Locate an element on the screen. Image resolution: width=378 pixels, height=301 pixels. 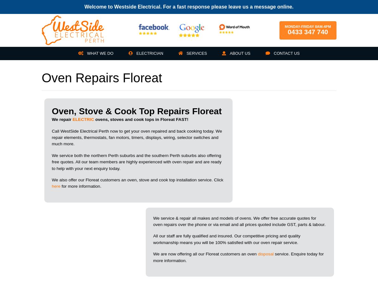
'Oven Repairs Floreat' is located at coordinates (41, 77).